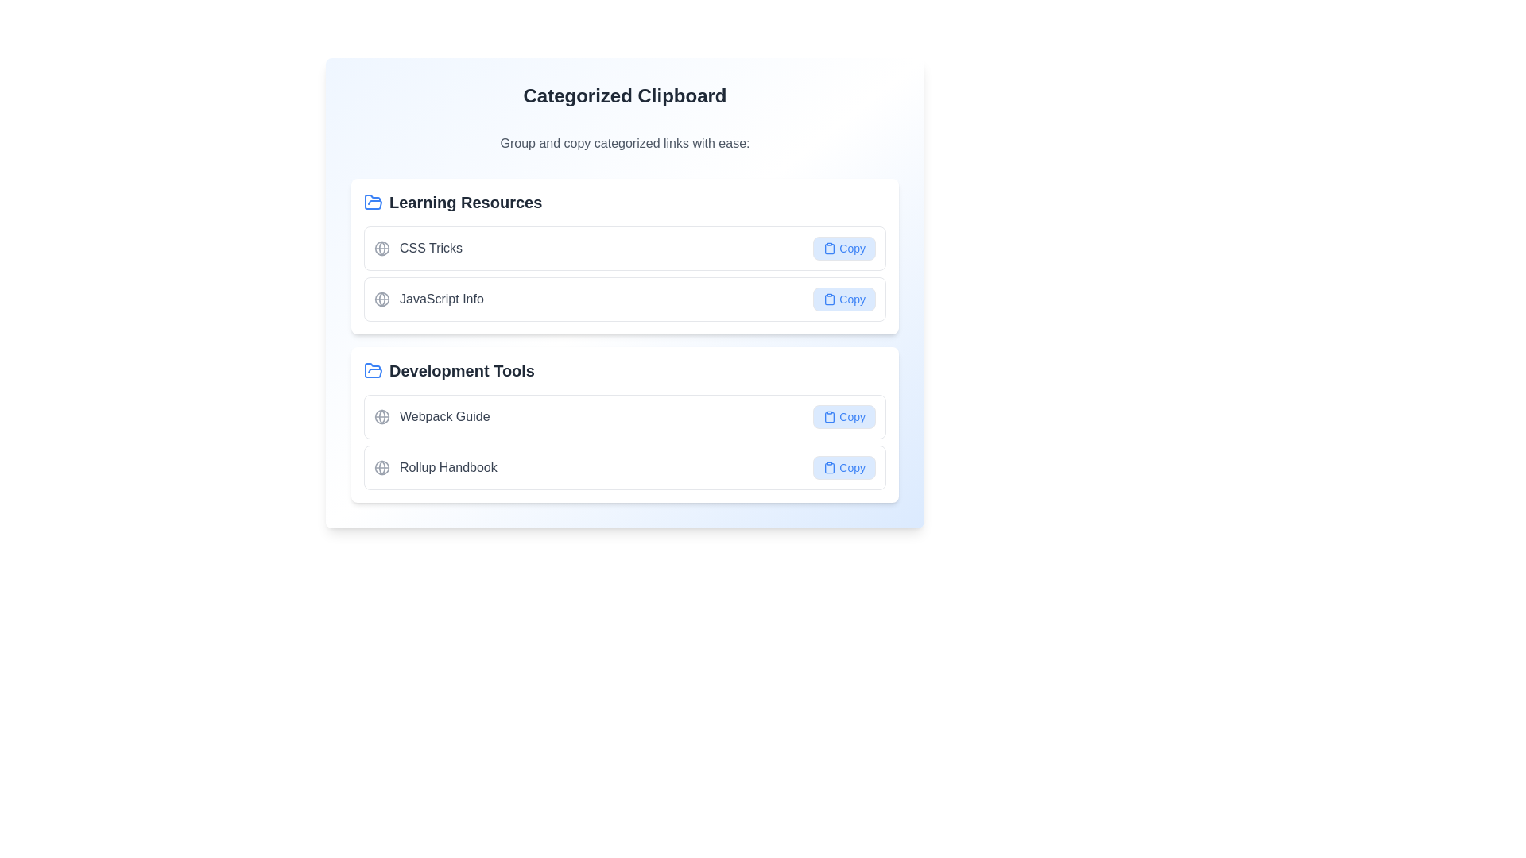  I want to click on the icon representing files or directories in the 'Learning Resources' section, so click(373, 201).